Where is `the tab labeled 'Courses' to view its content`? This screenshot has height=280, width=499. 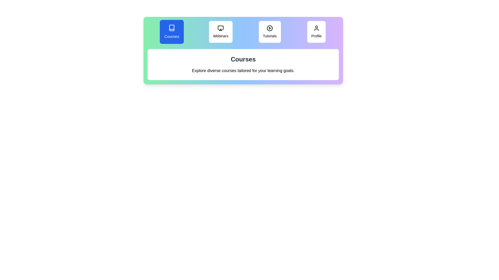
the tab labeled 'Courses' to view its content is located at coordinates (172, 32).